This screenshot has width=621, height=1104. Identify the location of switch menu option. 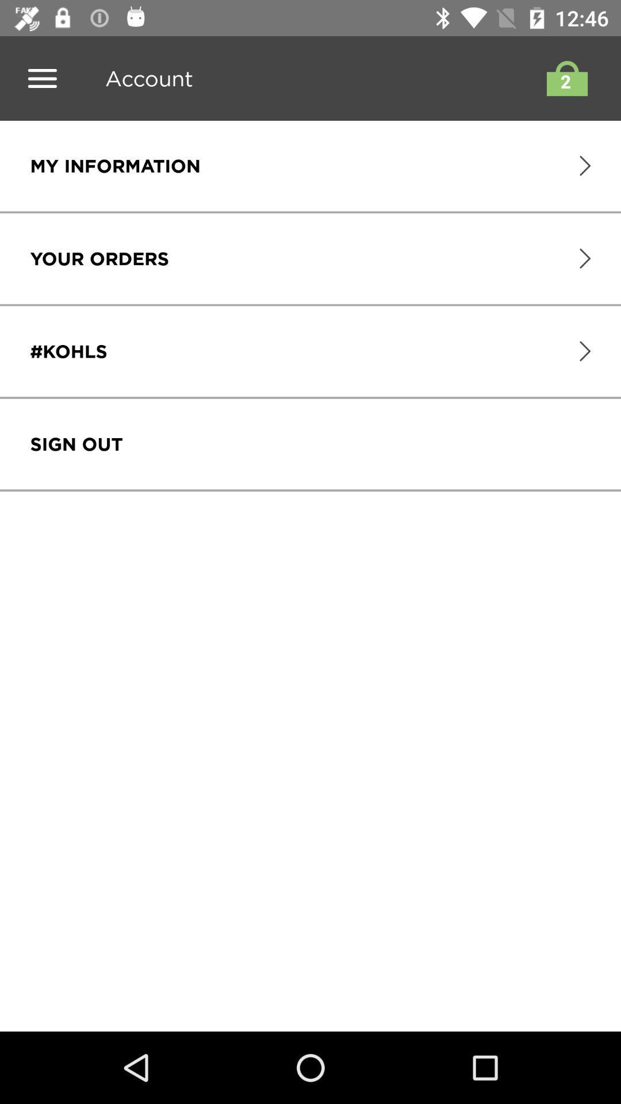
(41, 78).